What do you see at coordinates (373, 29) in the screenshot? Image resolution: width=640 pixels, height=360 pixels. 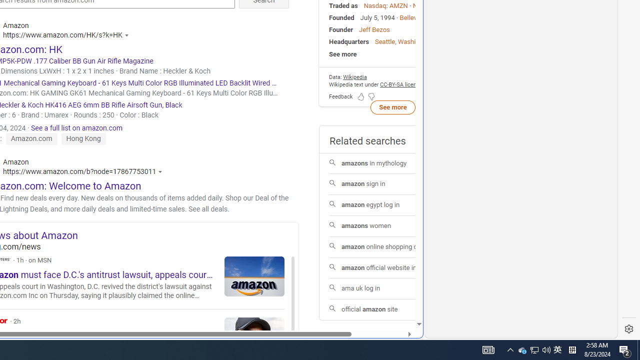 I see `'Jeff Bezos'` at bounding box center [373, 29].